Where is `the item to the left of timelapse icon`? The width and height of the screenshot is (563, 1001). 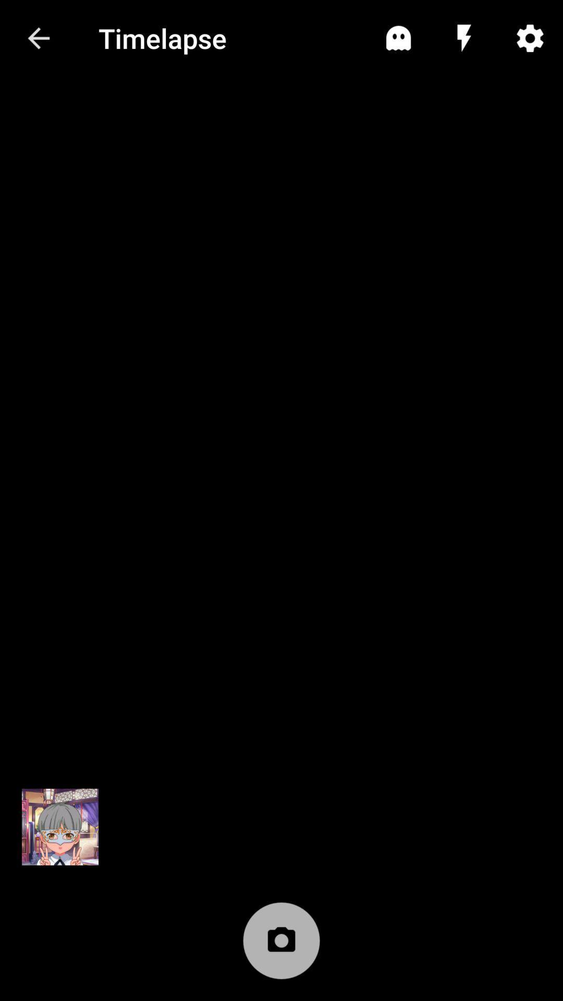
the item to the left of timelapse icon is located at coordinates (38, 38).